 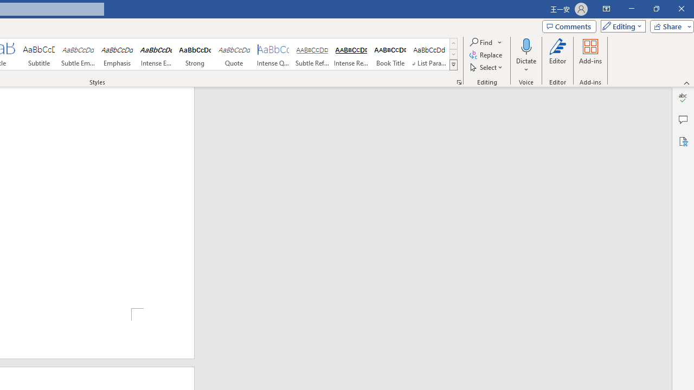 I want to click on 'Minimize', so click(x=631, y=9).